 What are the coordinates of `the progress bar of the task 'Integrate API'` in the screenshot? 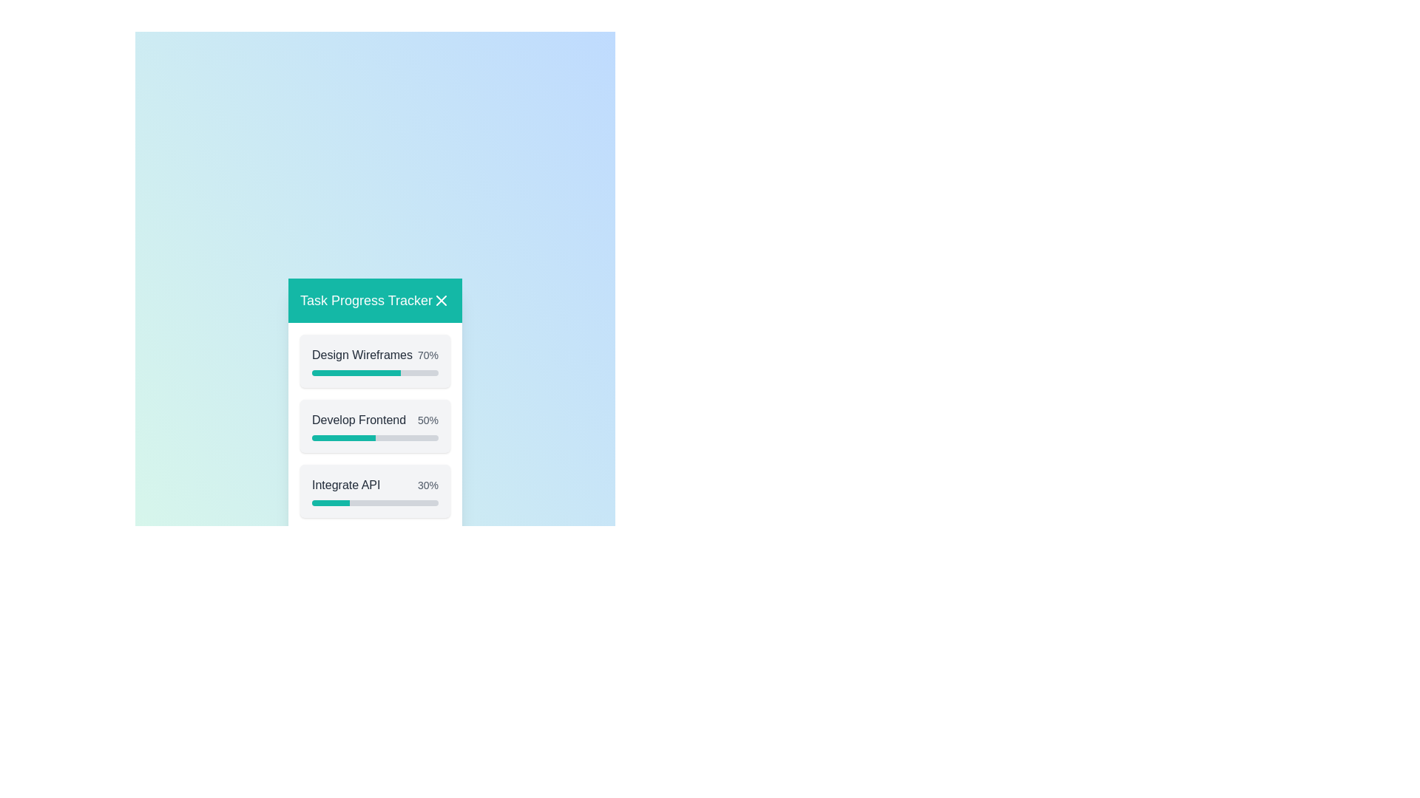 It's located at (375, 502).